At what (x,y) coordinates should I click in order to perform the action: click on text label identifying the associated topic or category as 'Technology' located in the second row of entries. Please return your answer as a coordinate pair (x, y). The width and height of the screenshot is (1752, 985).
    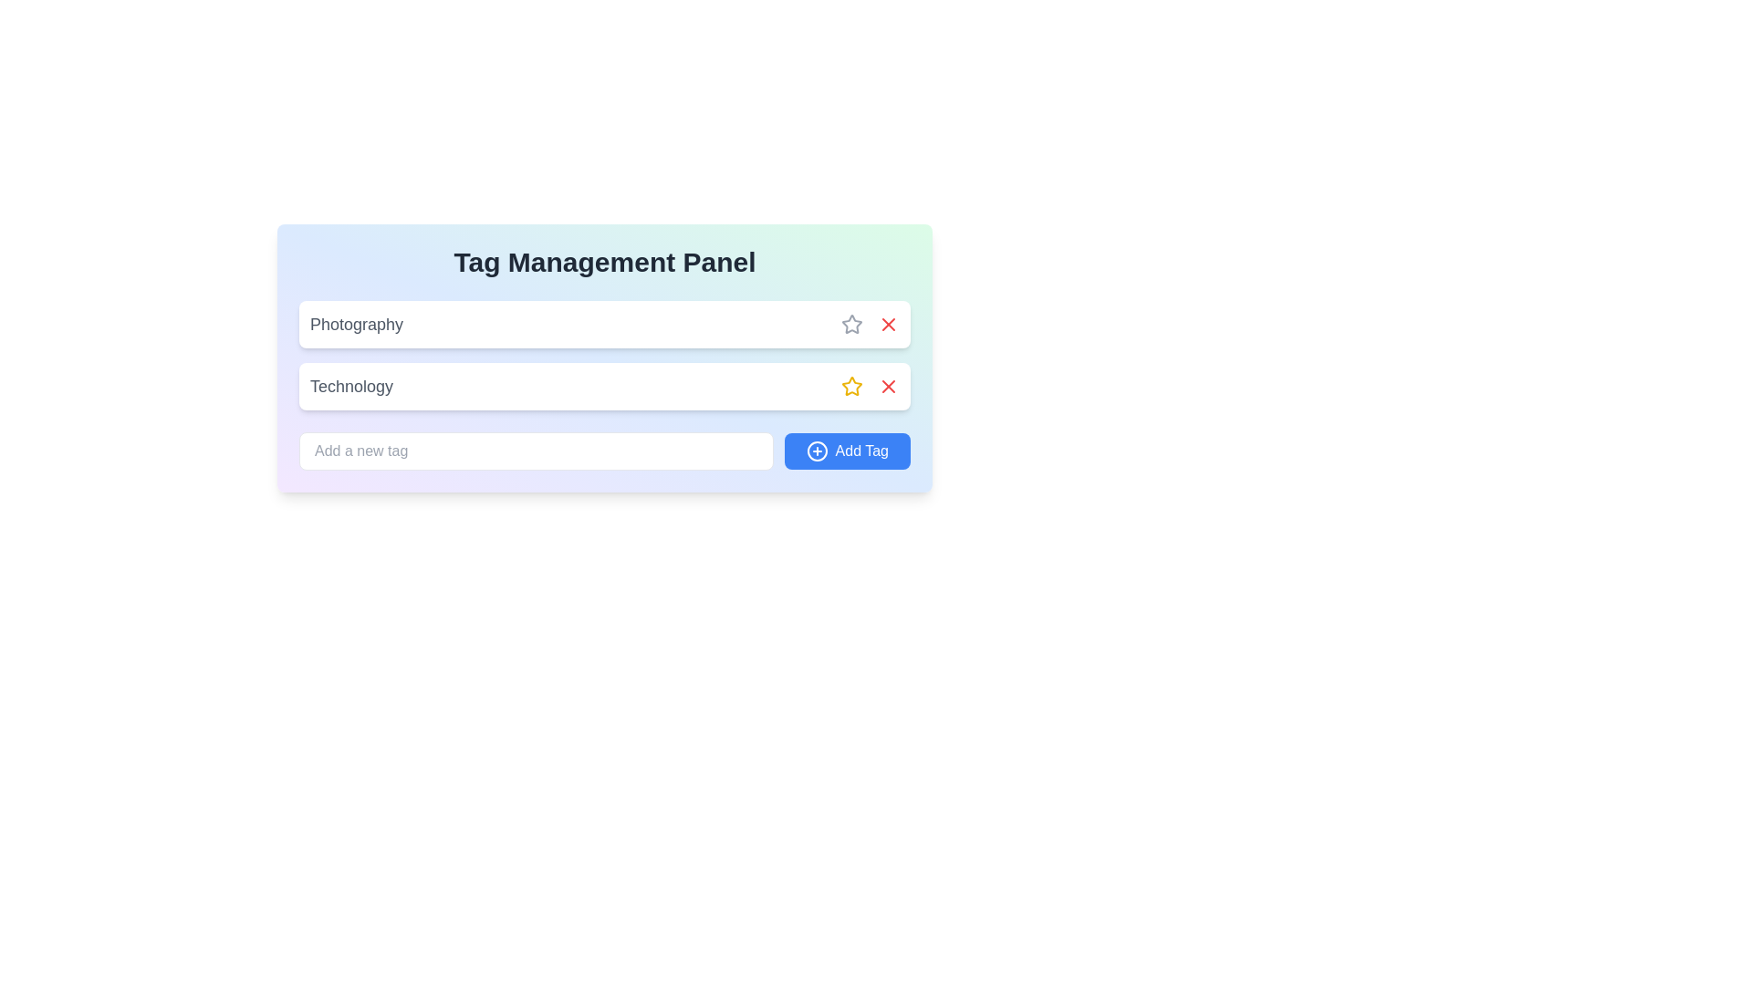
    Looking at the image, I should click on (351, 386).